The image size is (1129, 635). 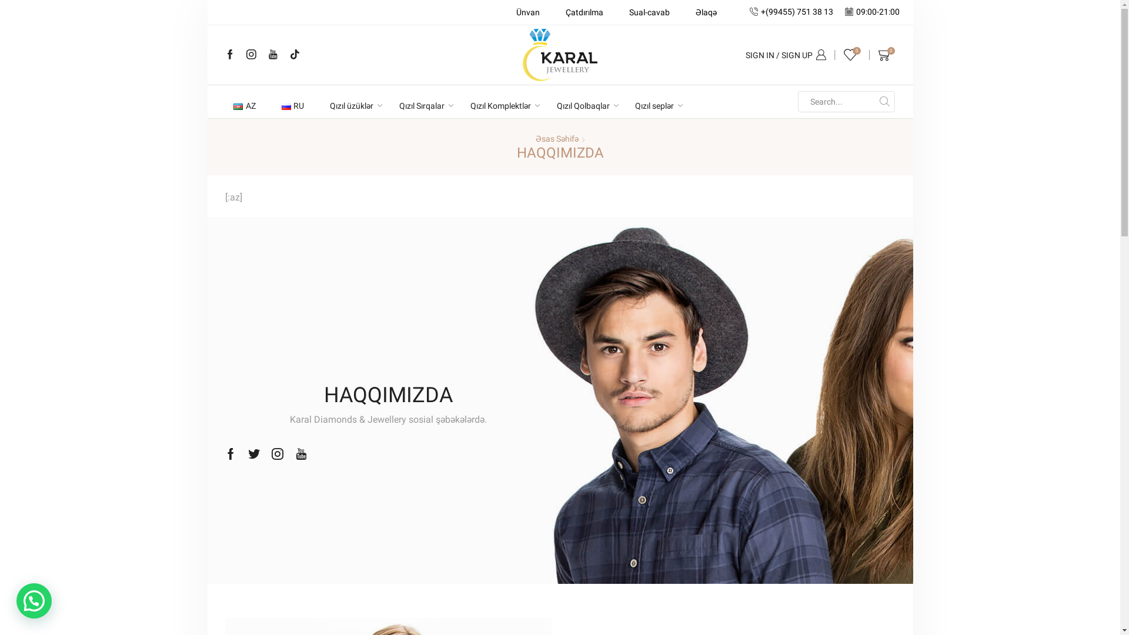 What do you see at coordinates (229, 55) in the screenshot?
I see `'Facebook'` at bounding box center [229, 55].